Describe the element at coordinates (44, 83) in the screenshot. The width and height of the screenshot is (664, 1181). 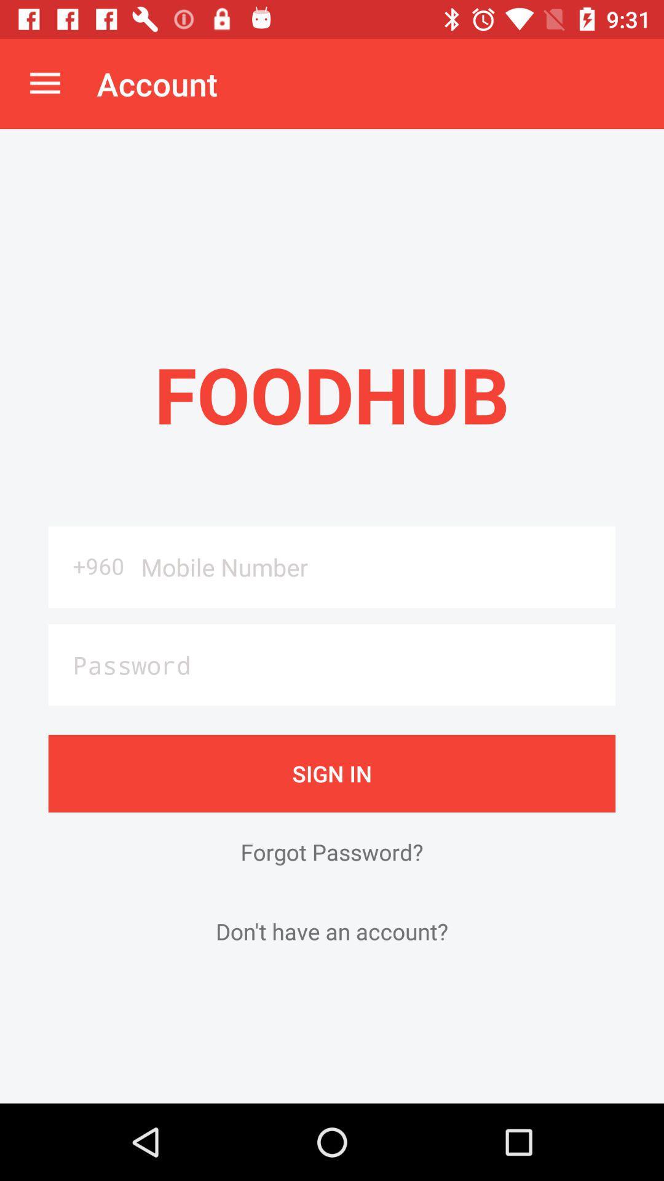
I see `the item to the left of the account` at that location.